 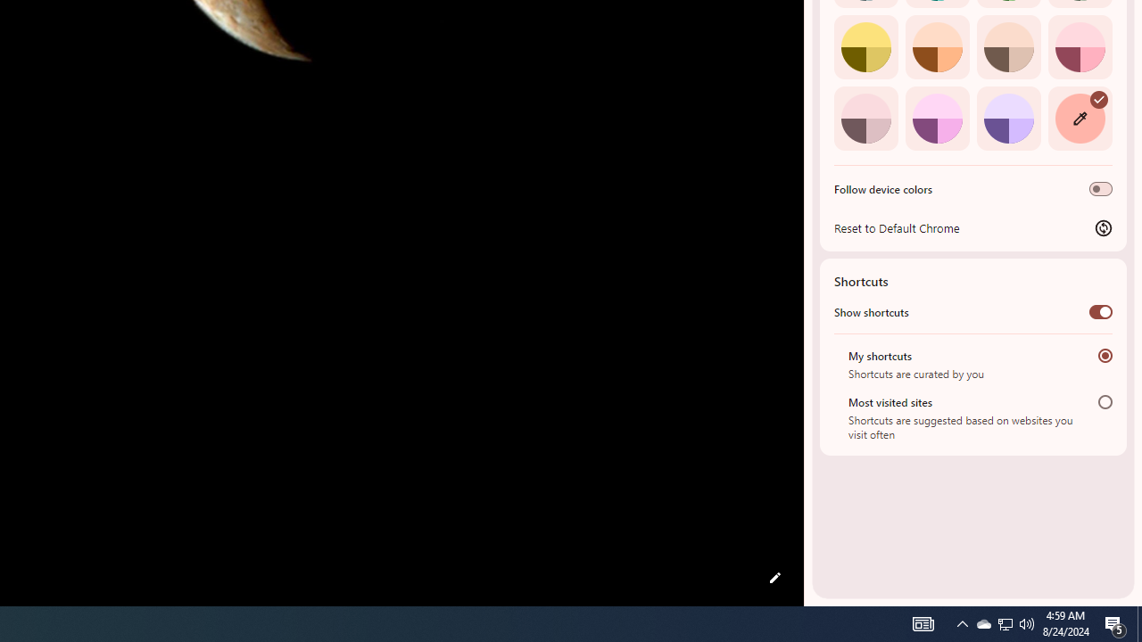 I want to click on 'Show shortcuts', so click(x=1099, y=310).